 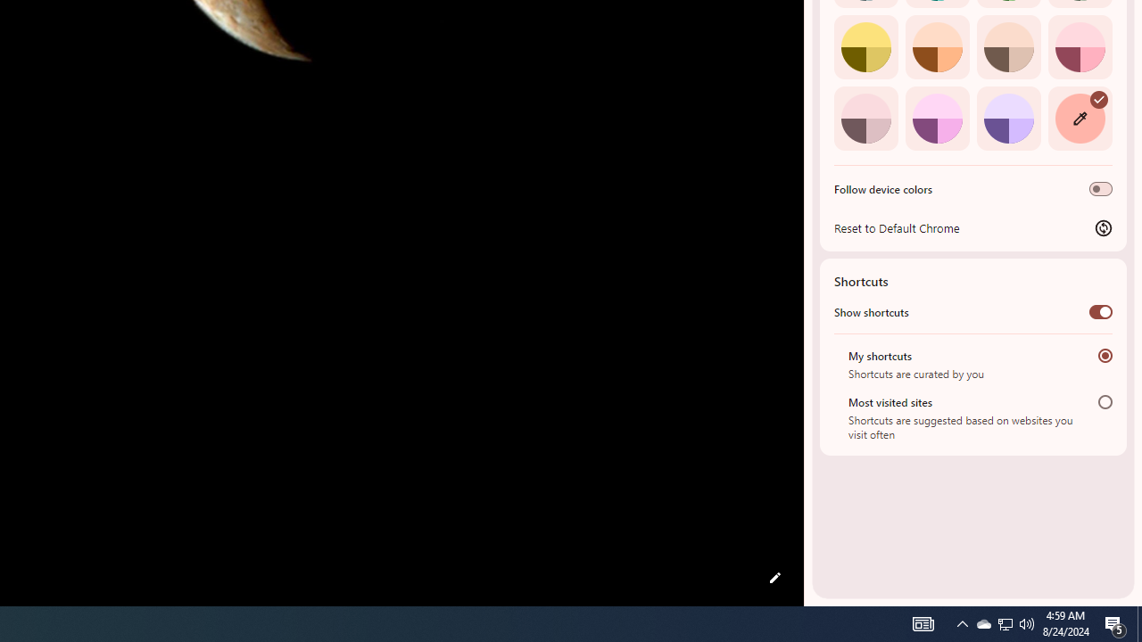 I want to click on 'Show shortcuts', so click(x=1099, y=310).